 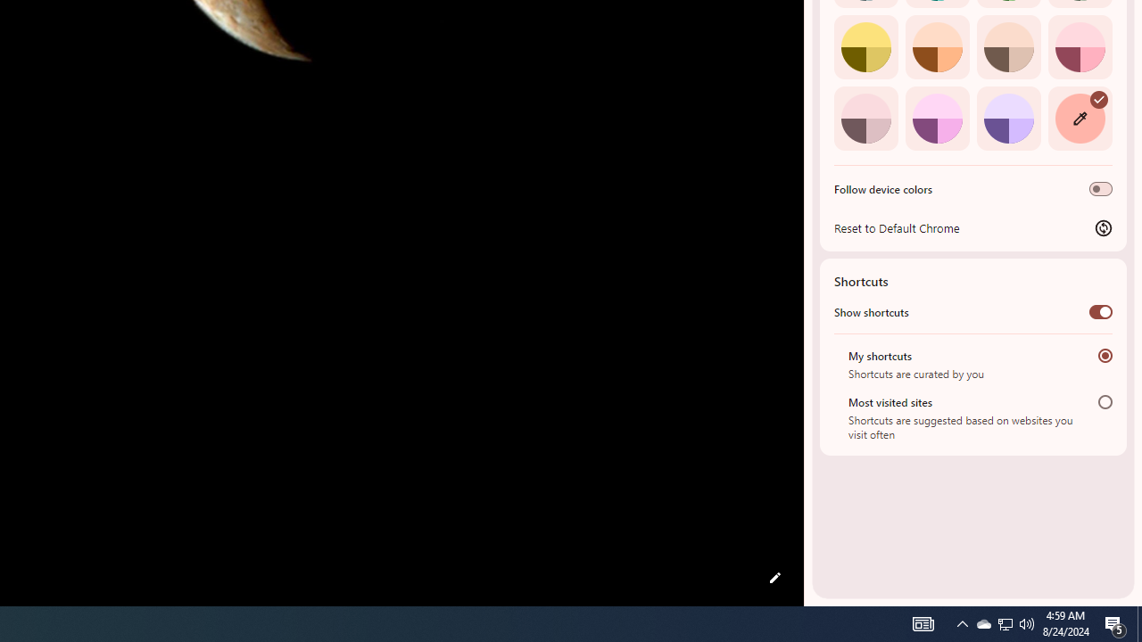 I want to click on 'Show shortcuts', so click(x=1099, y=310).